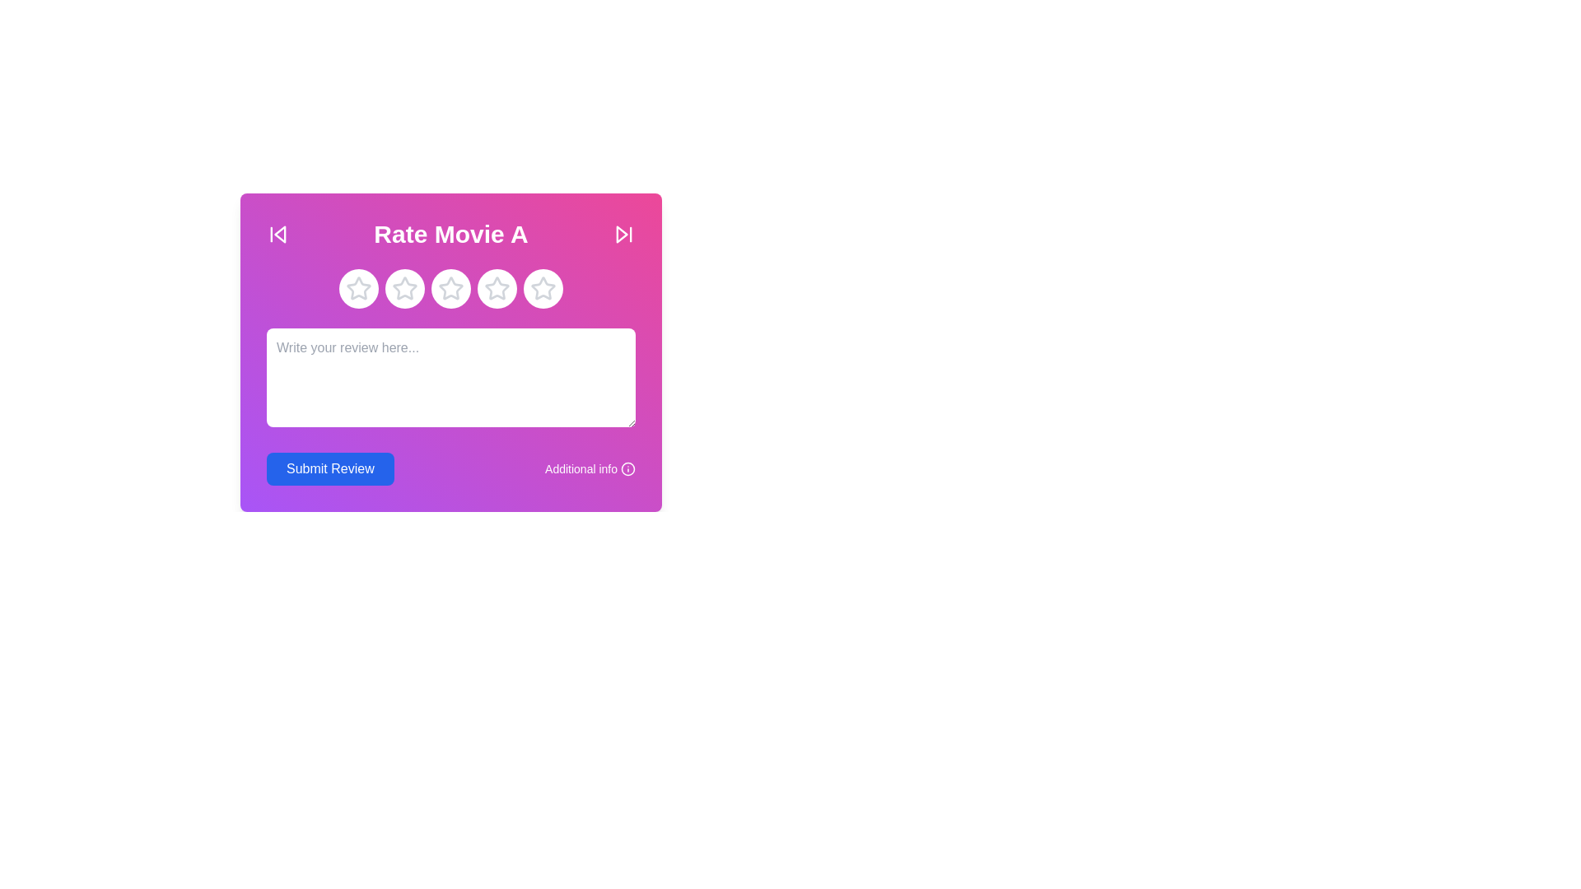  Describe the element at coordinates (329, 469) in the screenshot. I see `the submission button located in the bottom-left corner of the modal` at that location.